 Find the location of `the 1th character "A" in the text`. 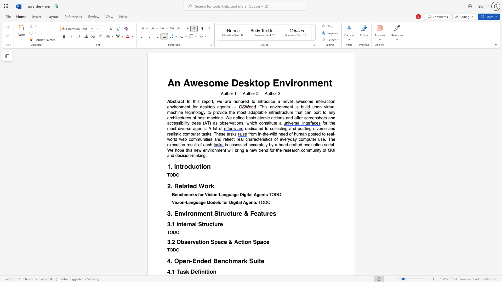

the 1th character "A" in the text is located at coordinates (171, 83).